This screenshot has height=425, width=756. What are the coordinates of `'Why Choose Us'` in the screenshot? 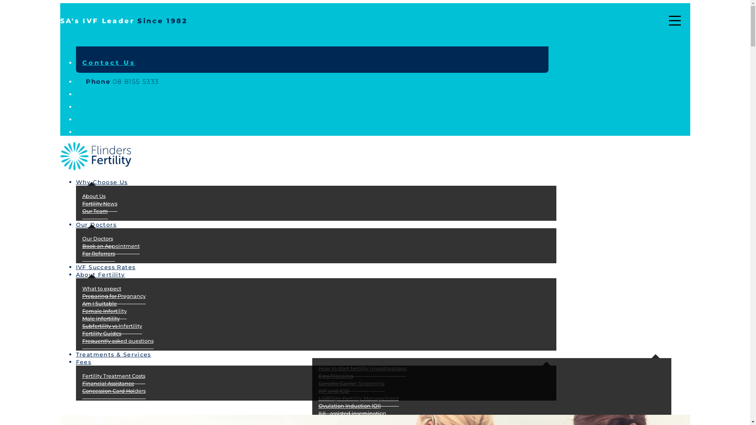 It's located at (107, 181).